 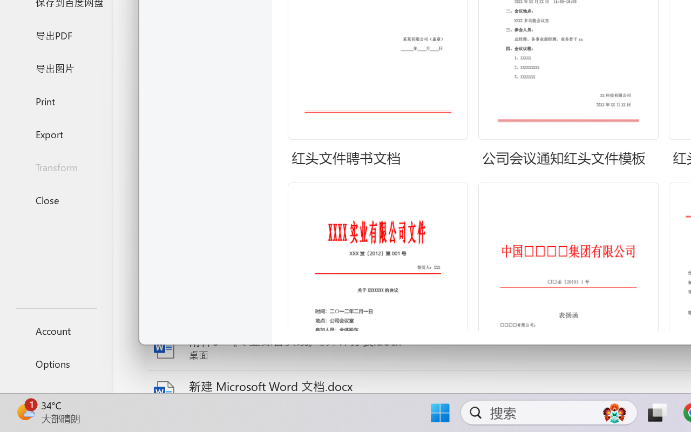 What do you see at coordinates (614, 413) in the screenshot?
I see `'AutomationID: DynamicSearchBoxGleamImage'` at bounding box center [614, 413].